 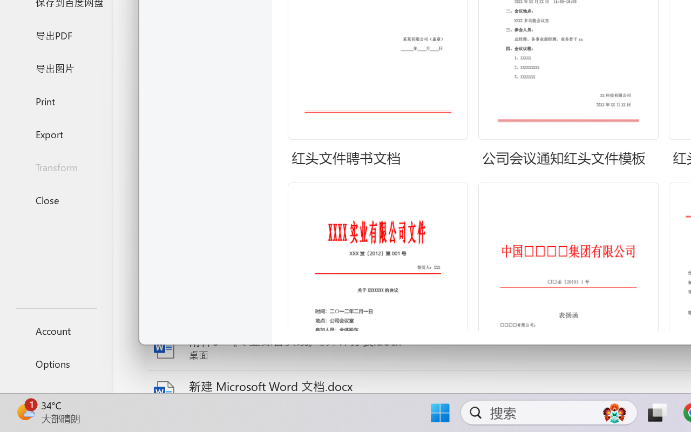 What do you see at coordinates (614, 413) in the screenshot?
I see `'AutomationID: DynamicSearchBoxGleamImage'` at bounding box center [614, 413].